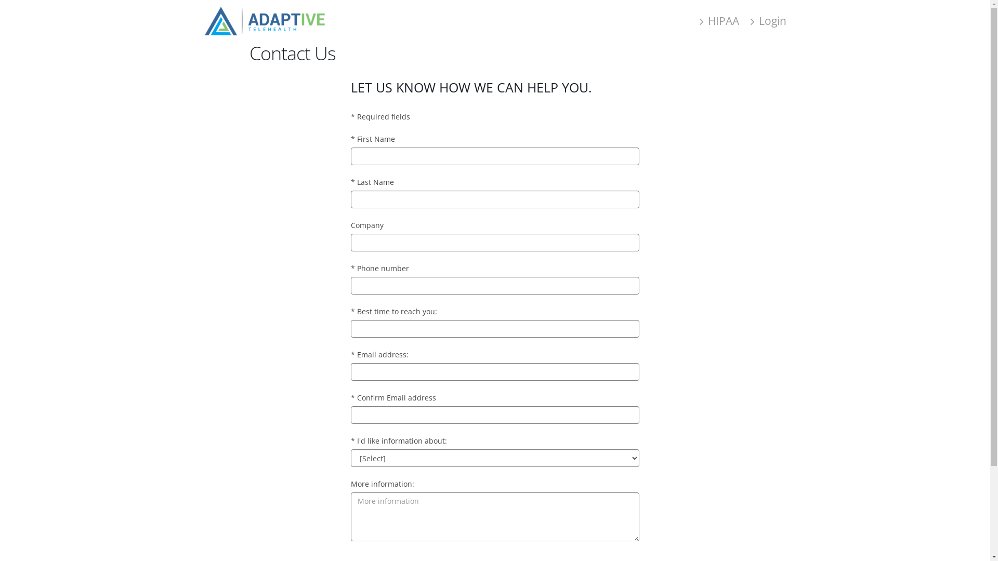  Describe the element at coordinates (718, 20) in the screenshot. I see `'HIPAA'` at that location.